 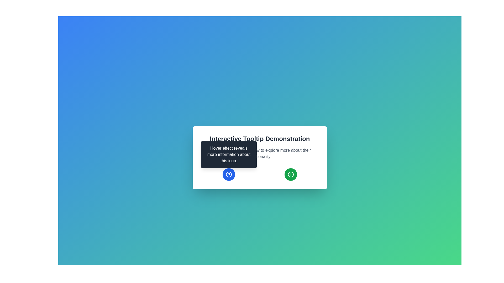 What do you see at coordinates (291, 175) in the screenshot?
I see `the circular green button with a white border and an information icon, which is the second button in the grid layout on the right side of the modal interface` at bounding box center [291, 175].